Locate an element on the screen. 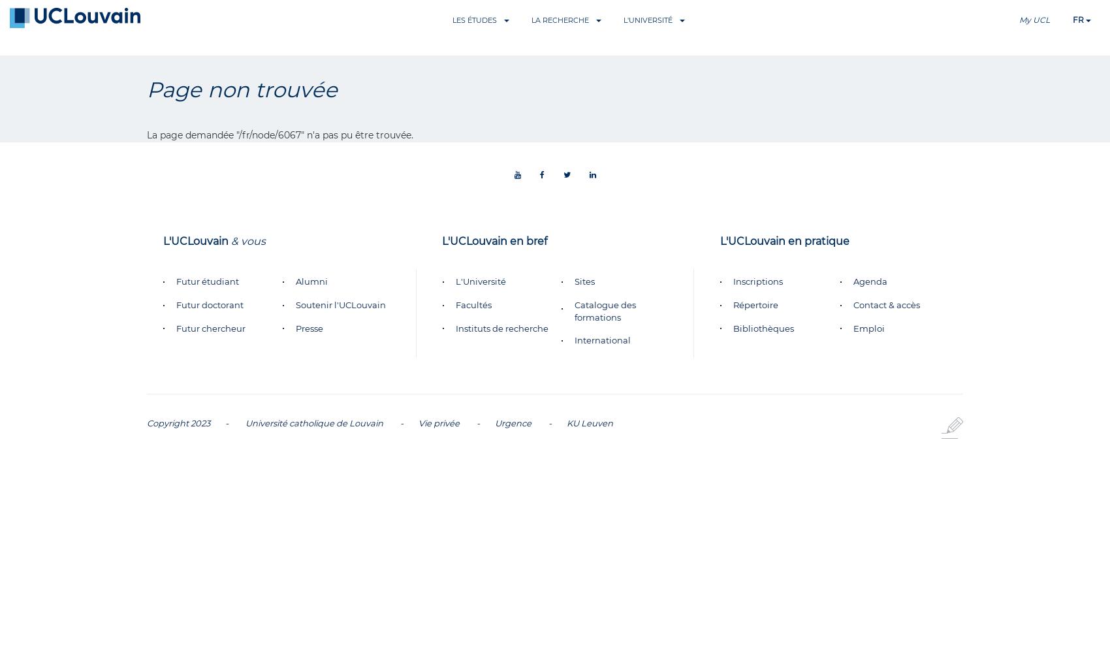 The width and height of the screenshot is (1110, 653). 'Futur chercheur' is located at coordinates (210, 328).